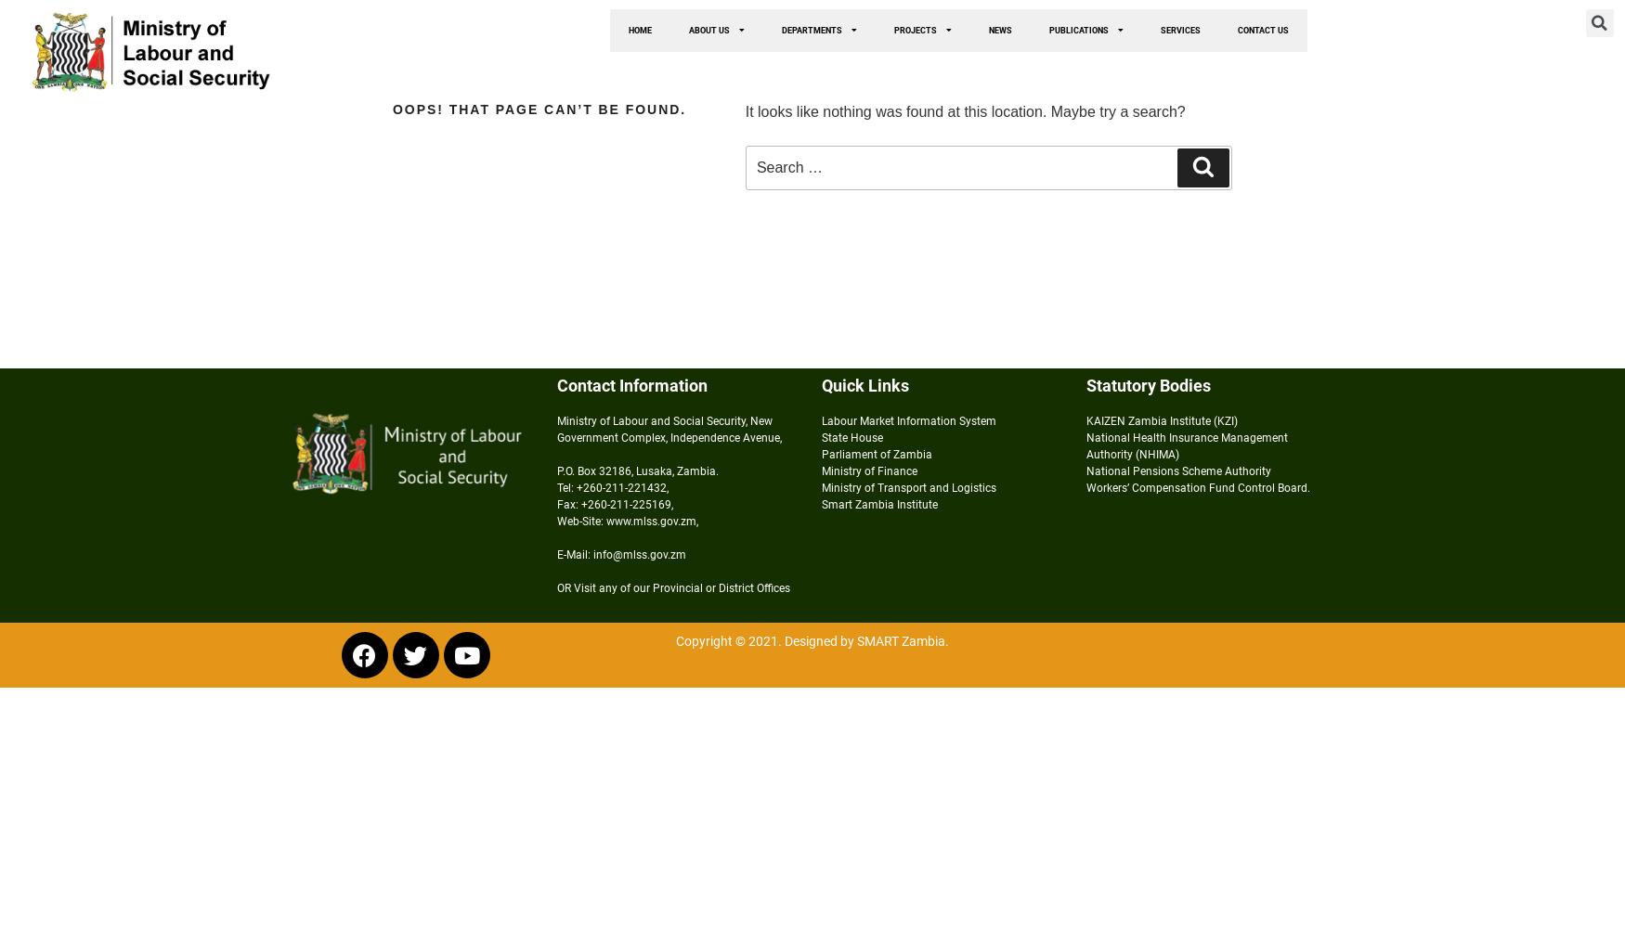 This screenshot has height=928, width=1625. I want to click on 'Smart Zambia Institute', so click(820, 505).